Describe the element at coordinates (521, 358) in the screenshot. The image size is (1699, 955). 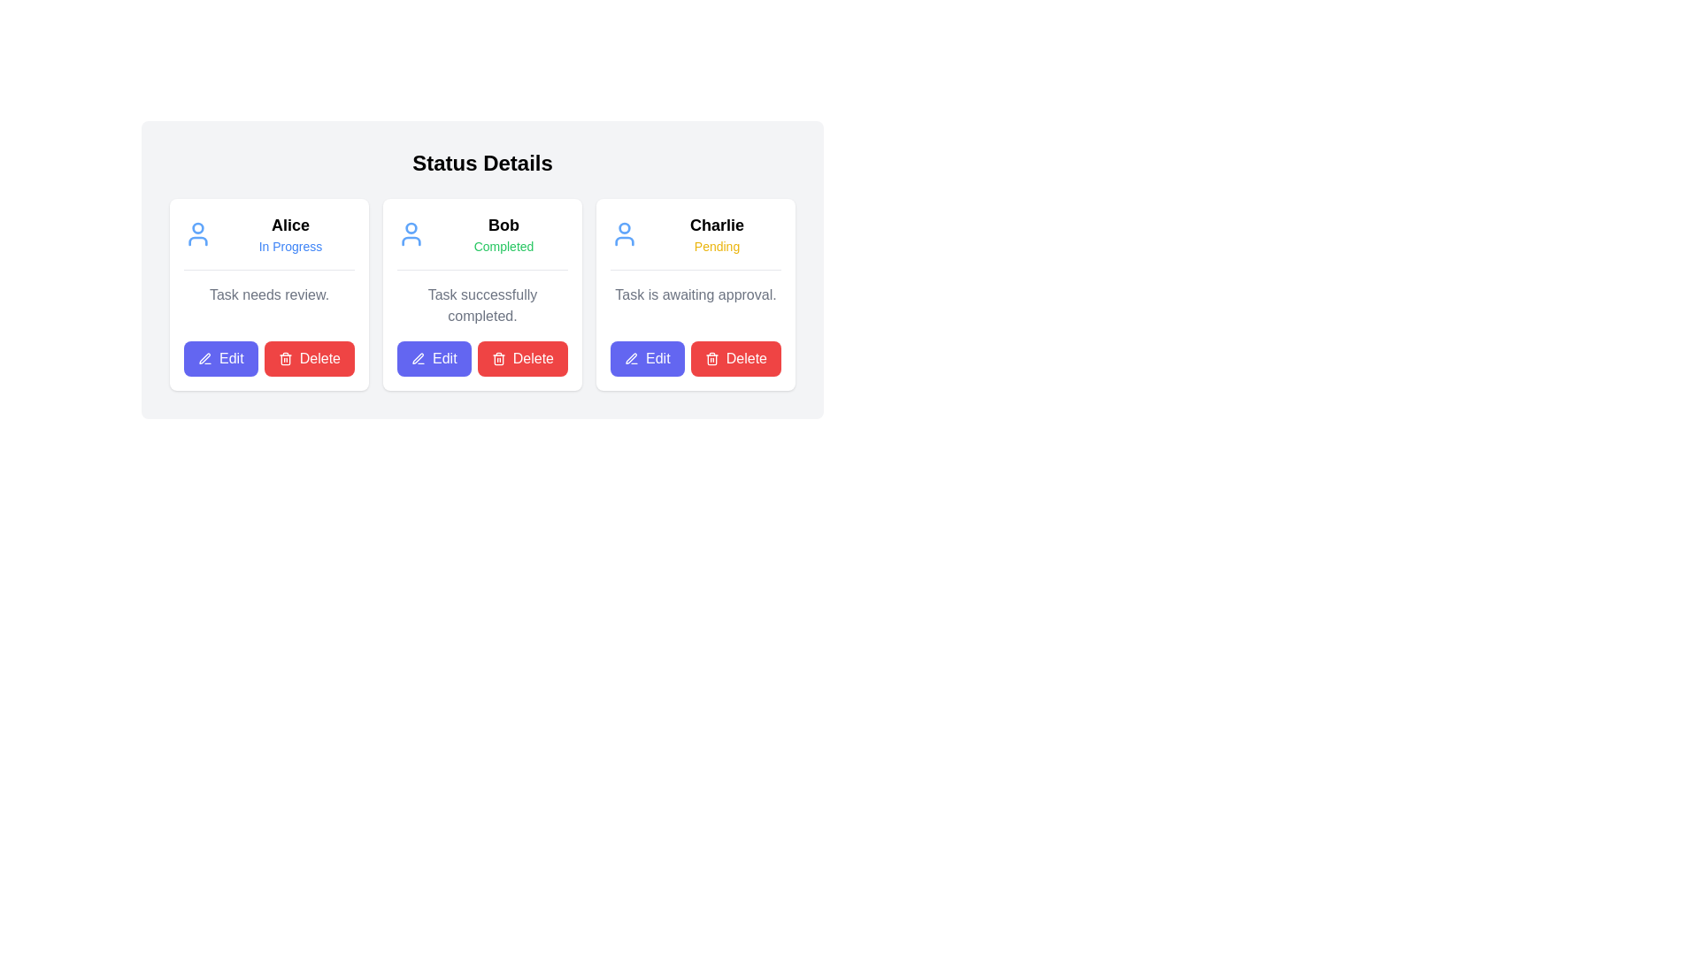
I see `the red 'Delete' button with rounded corners and a trashcan icon` at that location.